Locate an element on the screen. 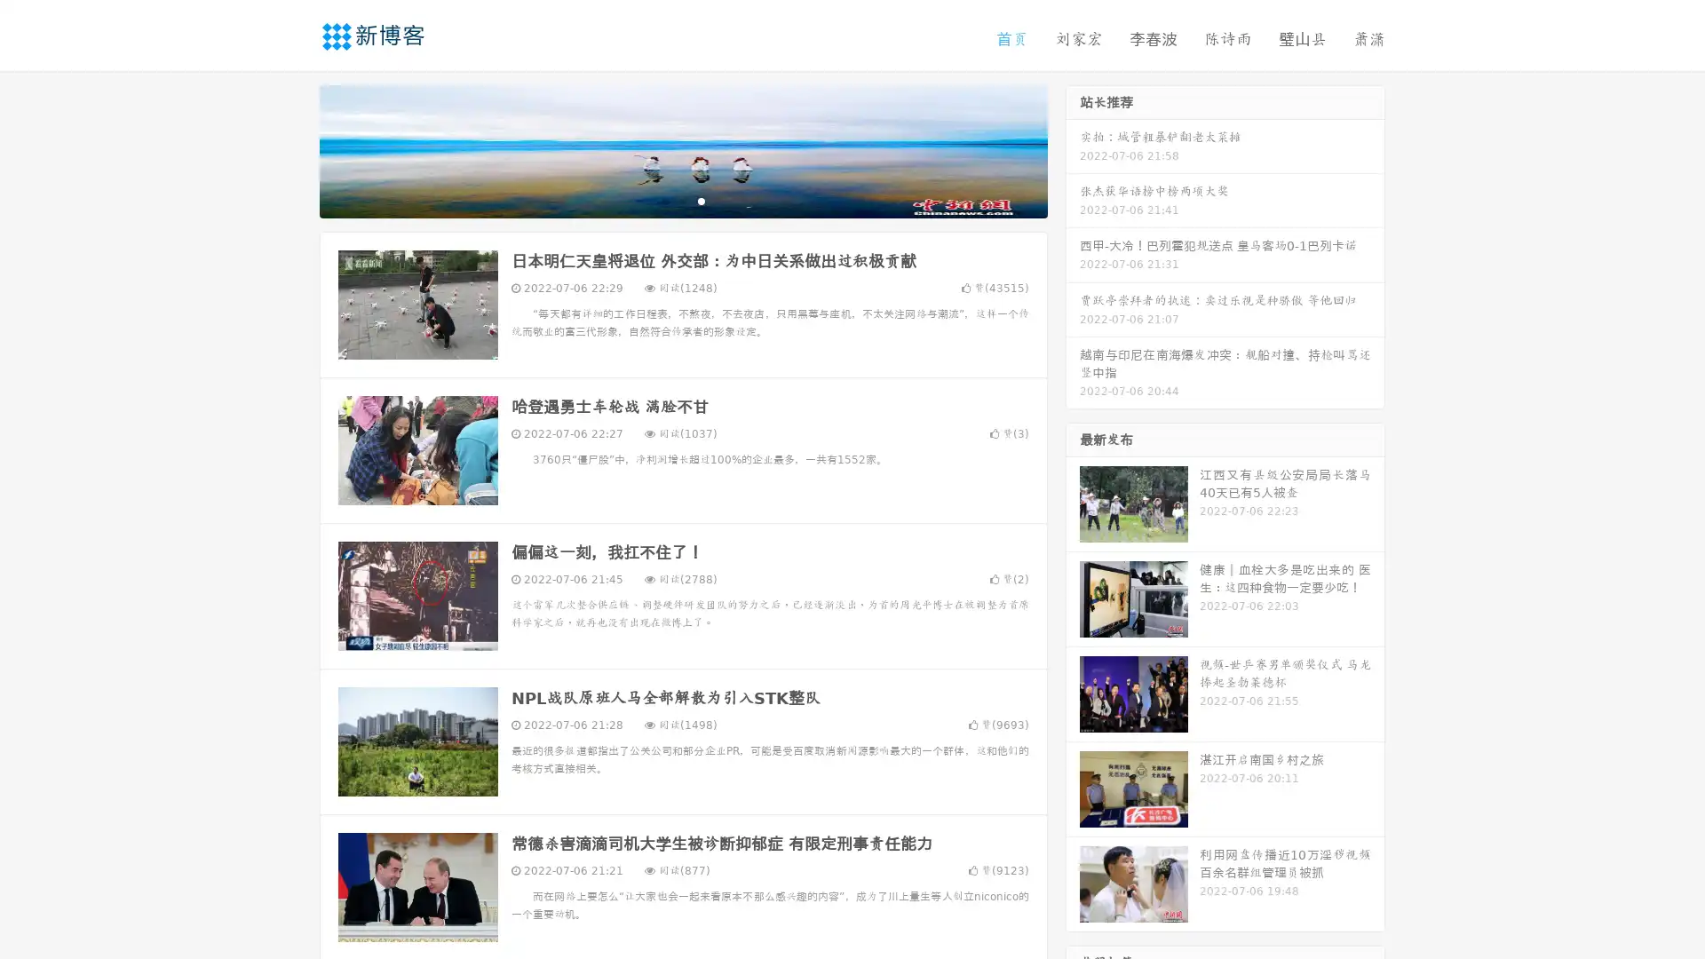  Go to slide 3 is located at coordinates (701, 200).